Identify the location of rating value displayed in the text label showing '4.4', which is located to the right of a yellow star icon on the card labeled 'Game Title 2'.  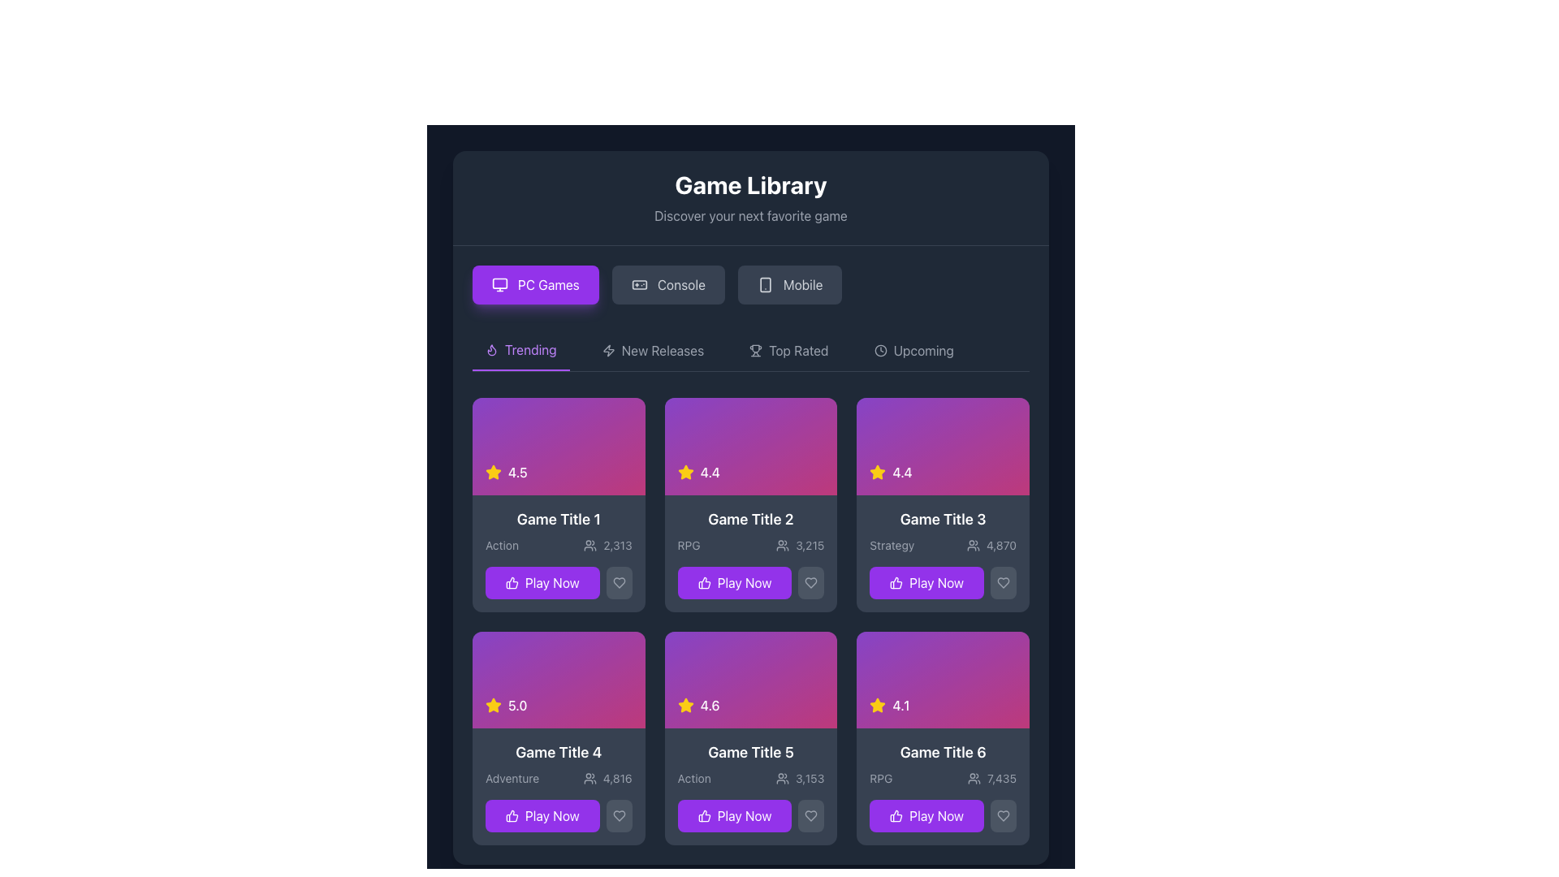
(710, 472).